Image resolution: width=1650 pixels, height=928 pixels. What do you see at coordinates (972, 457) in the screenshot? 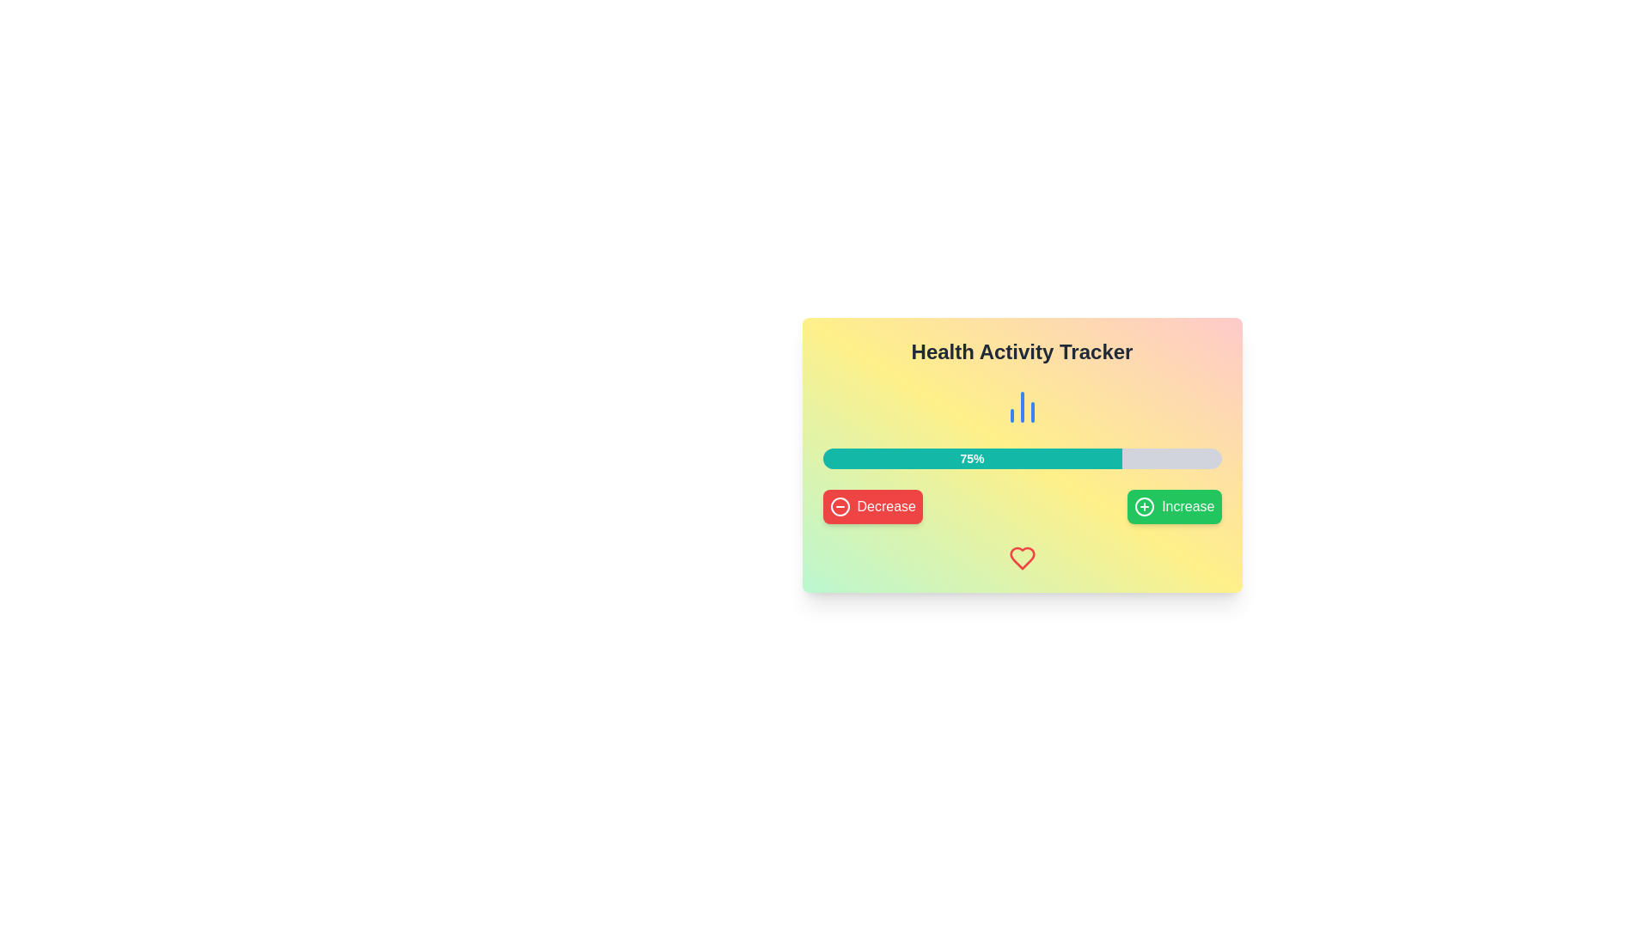
I see `the teal-colored rectangular progress bar segment displaying '75%' in white bold font, which indicates current progress in the health activity tracker interface` at bounding box center [972, 457].